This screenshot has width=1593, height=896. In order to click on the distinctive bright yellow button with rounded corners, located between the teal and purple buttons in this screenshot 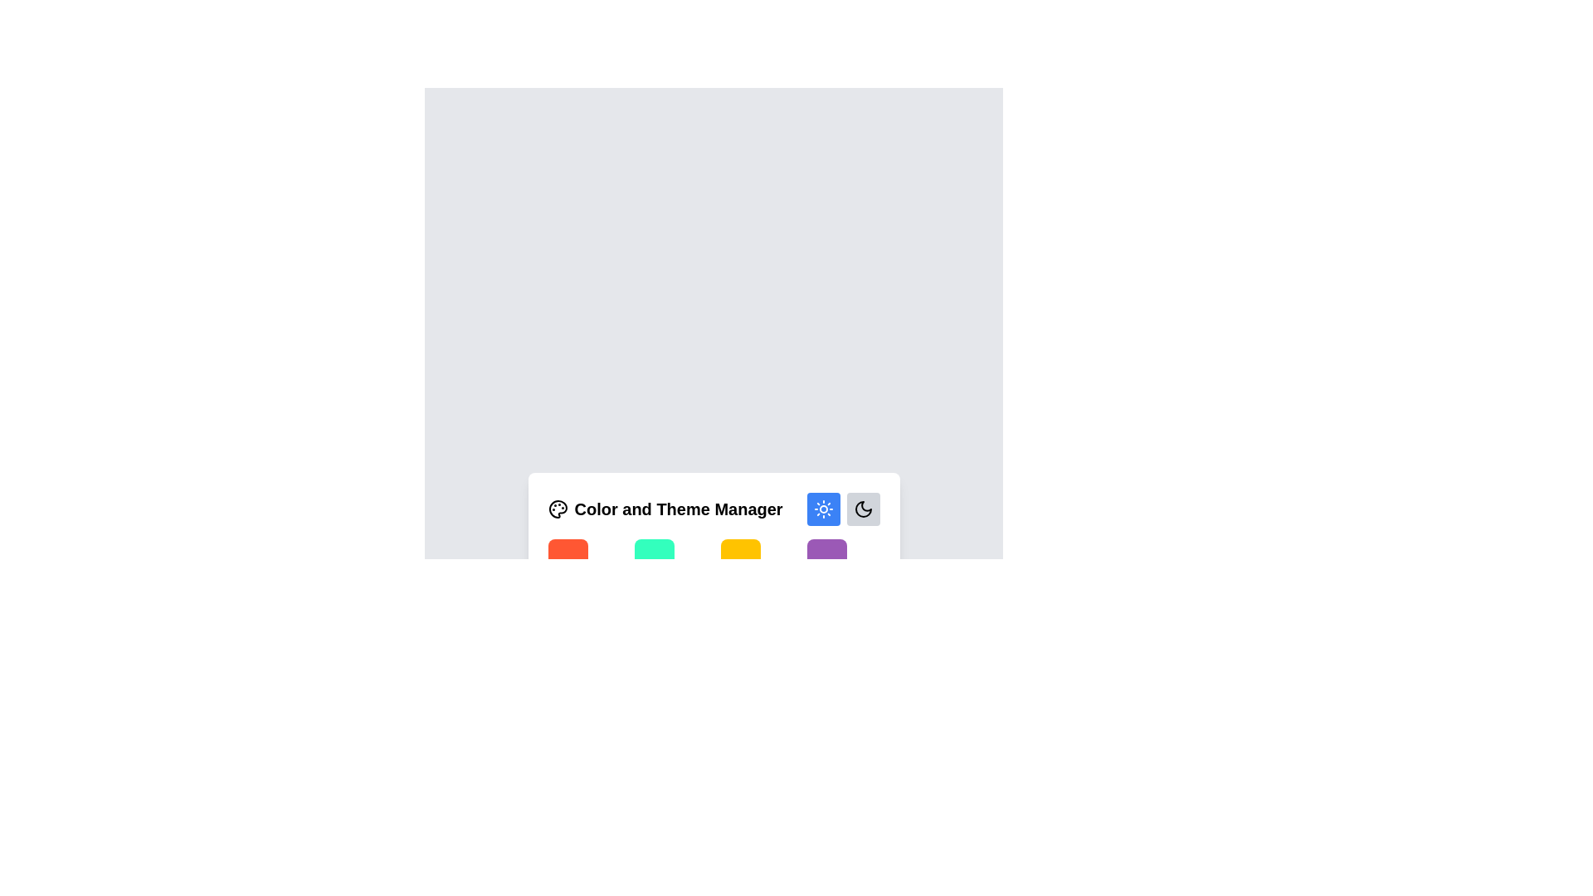, I will do `click(739, 559)`.